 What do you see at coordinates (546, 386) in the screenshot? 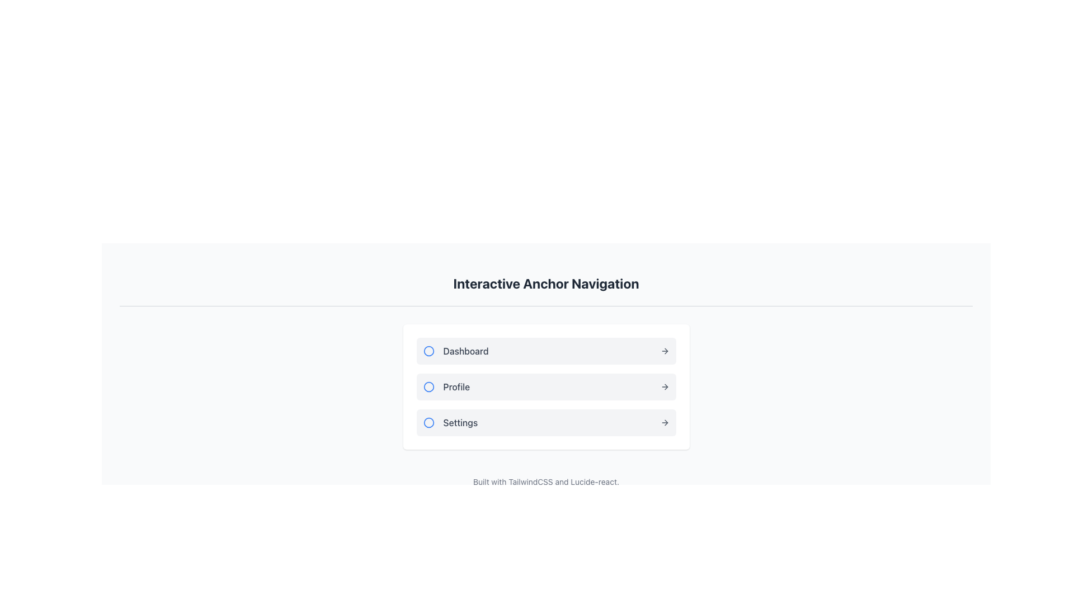
I see `the 'Profile' button, the second item in a vertical list of three, to trigger a visual change` at bounding box center [546, 386].